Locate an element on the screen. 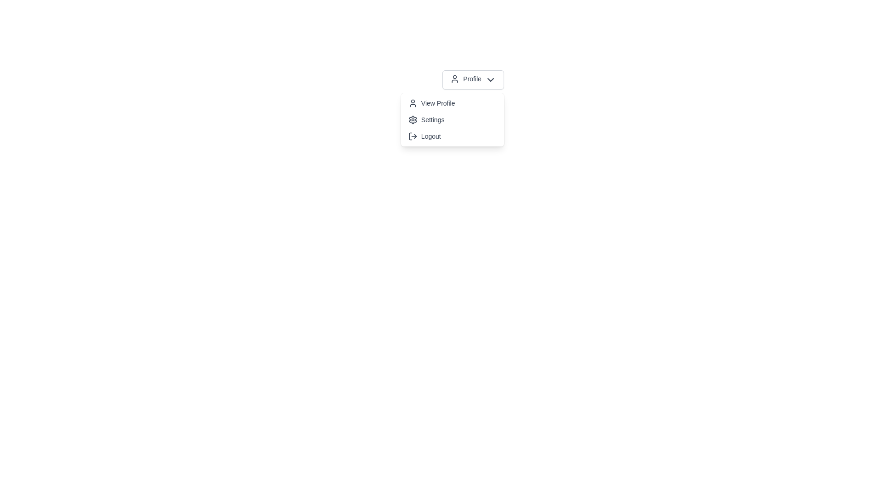 The image size is (883, 496). the 'View Profile' button in the dropdown menu is located at coordinates (452, 103).